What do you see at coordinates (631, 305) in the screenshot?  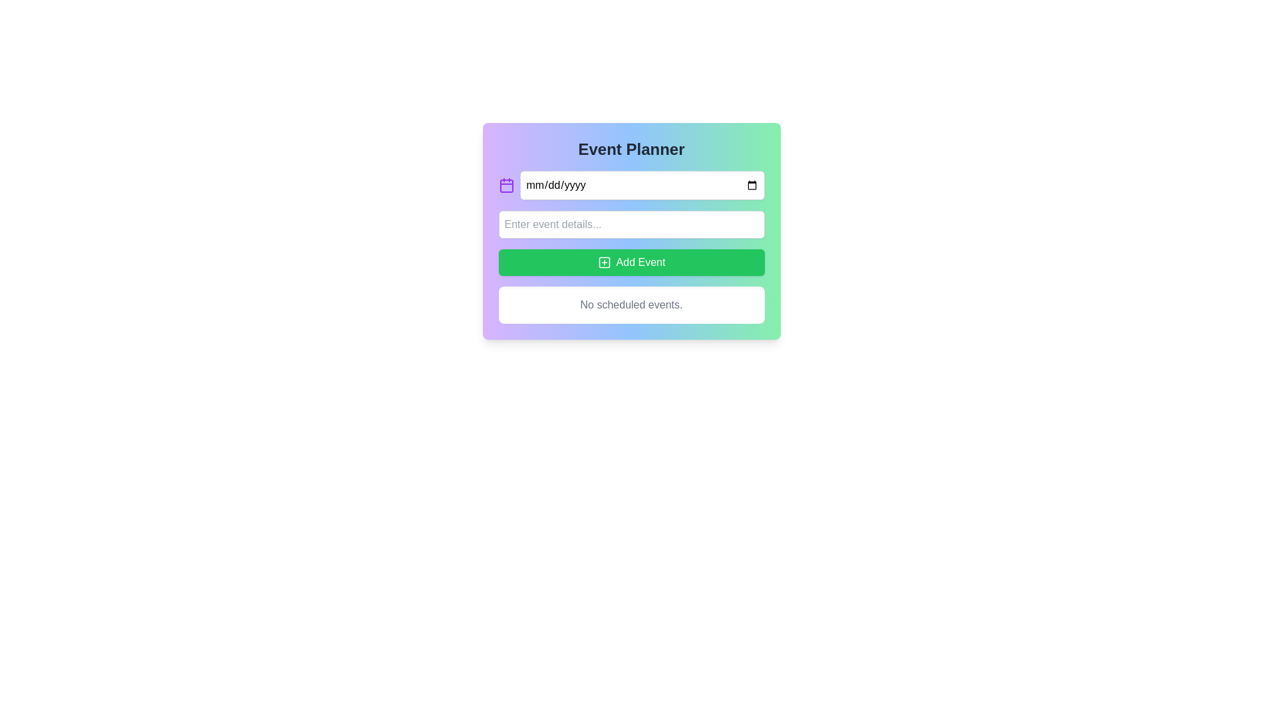 I see `the Static Text Display that shows 'No scheduled events.' located below the 'Add Event' button` at bounding box center [631, 305].